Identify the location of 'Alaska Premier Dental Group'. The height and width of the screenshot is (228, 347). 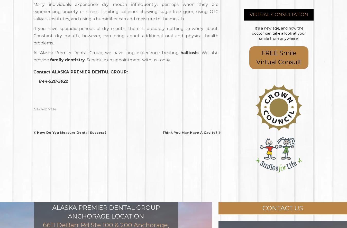
(52, 207).